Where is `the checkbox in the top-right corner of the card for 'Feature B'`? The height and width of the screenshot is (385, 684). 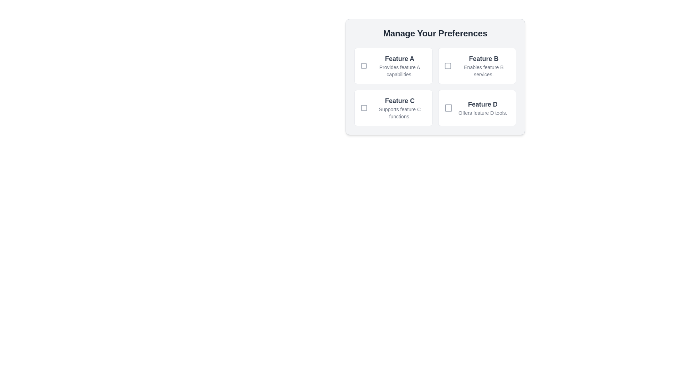 the checkbox in the top-right corner of the card for 'Feature B' is located at coordinates (477, 66).